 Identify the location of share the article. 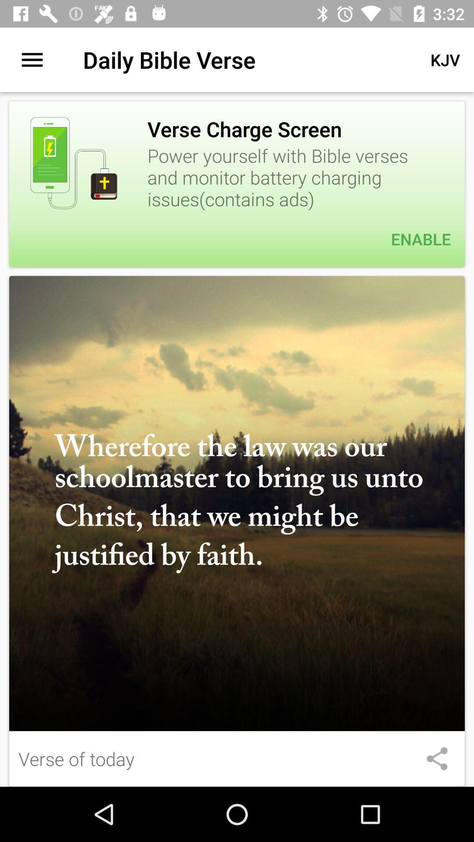
(437, 758).